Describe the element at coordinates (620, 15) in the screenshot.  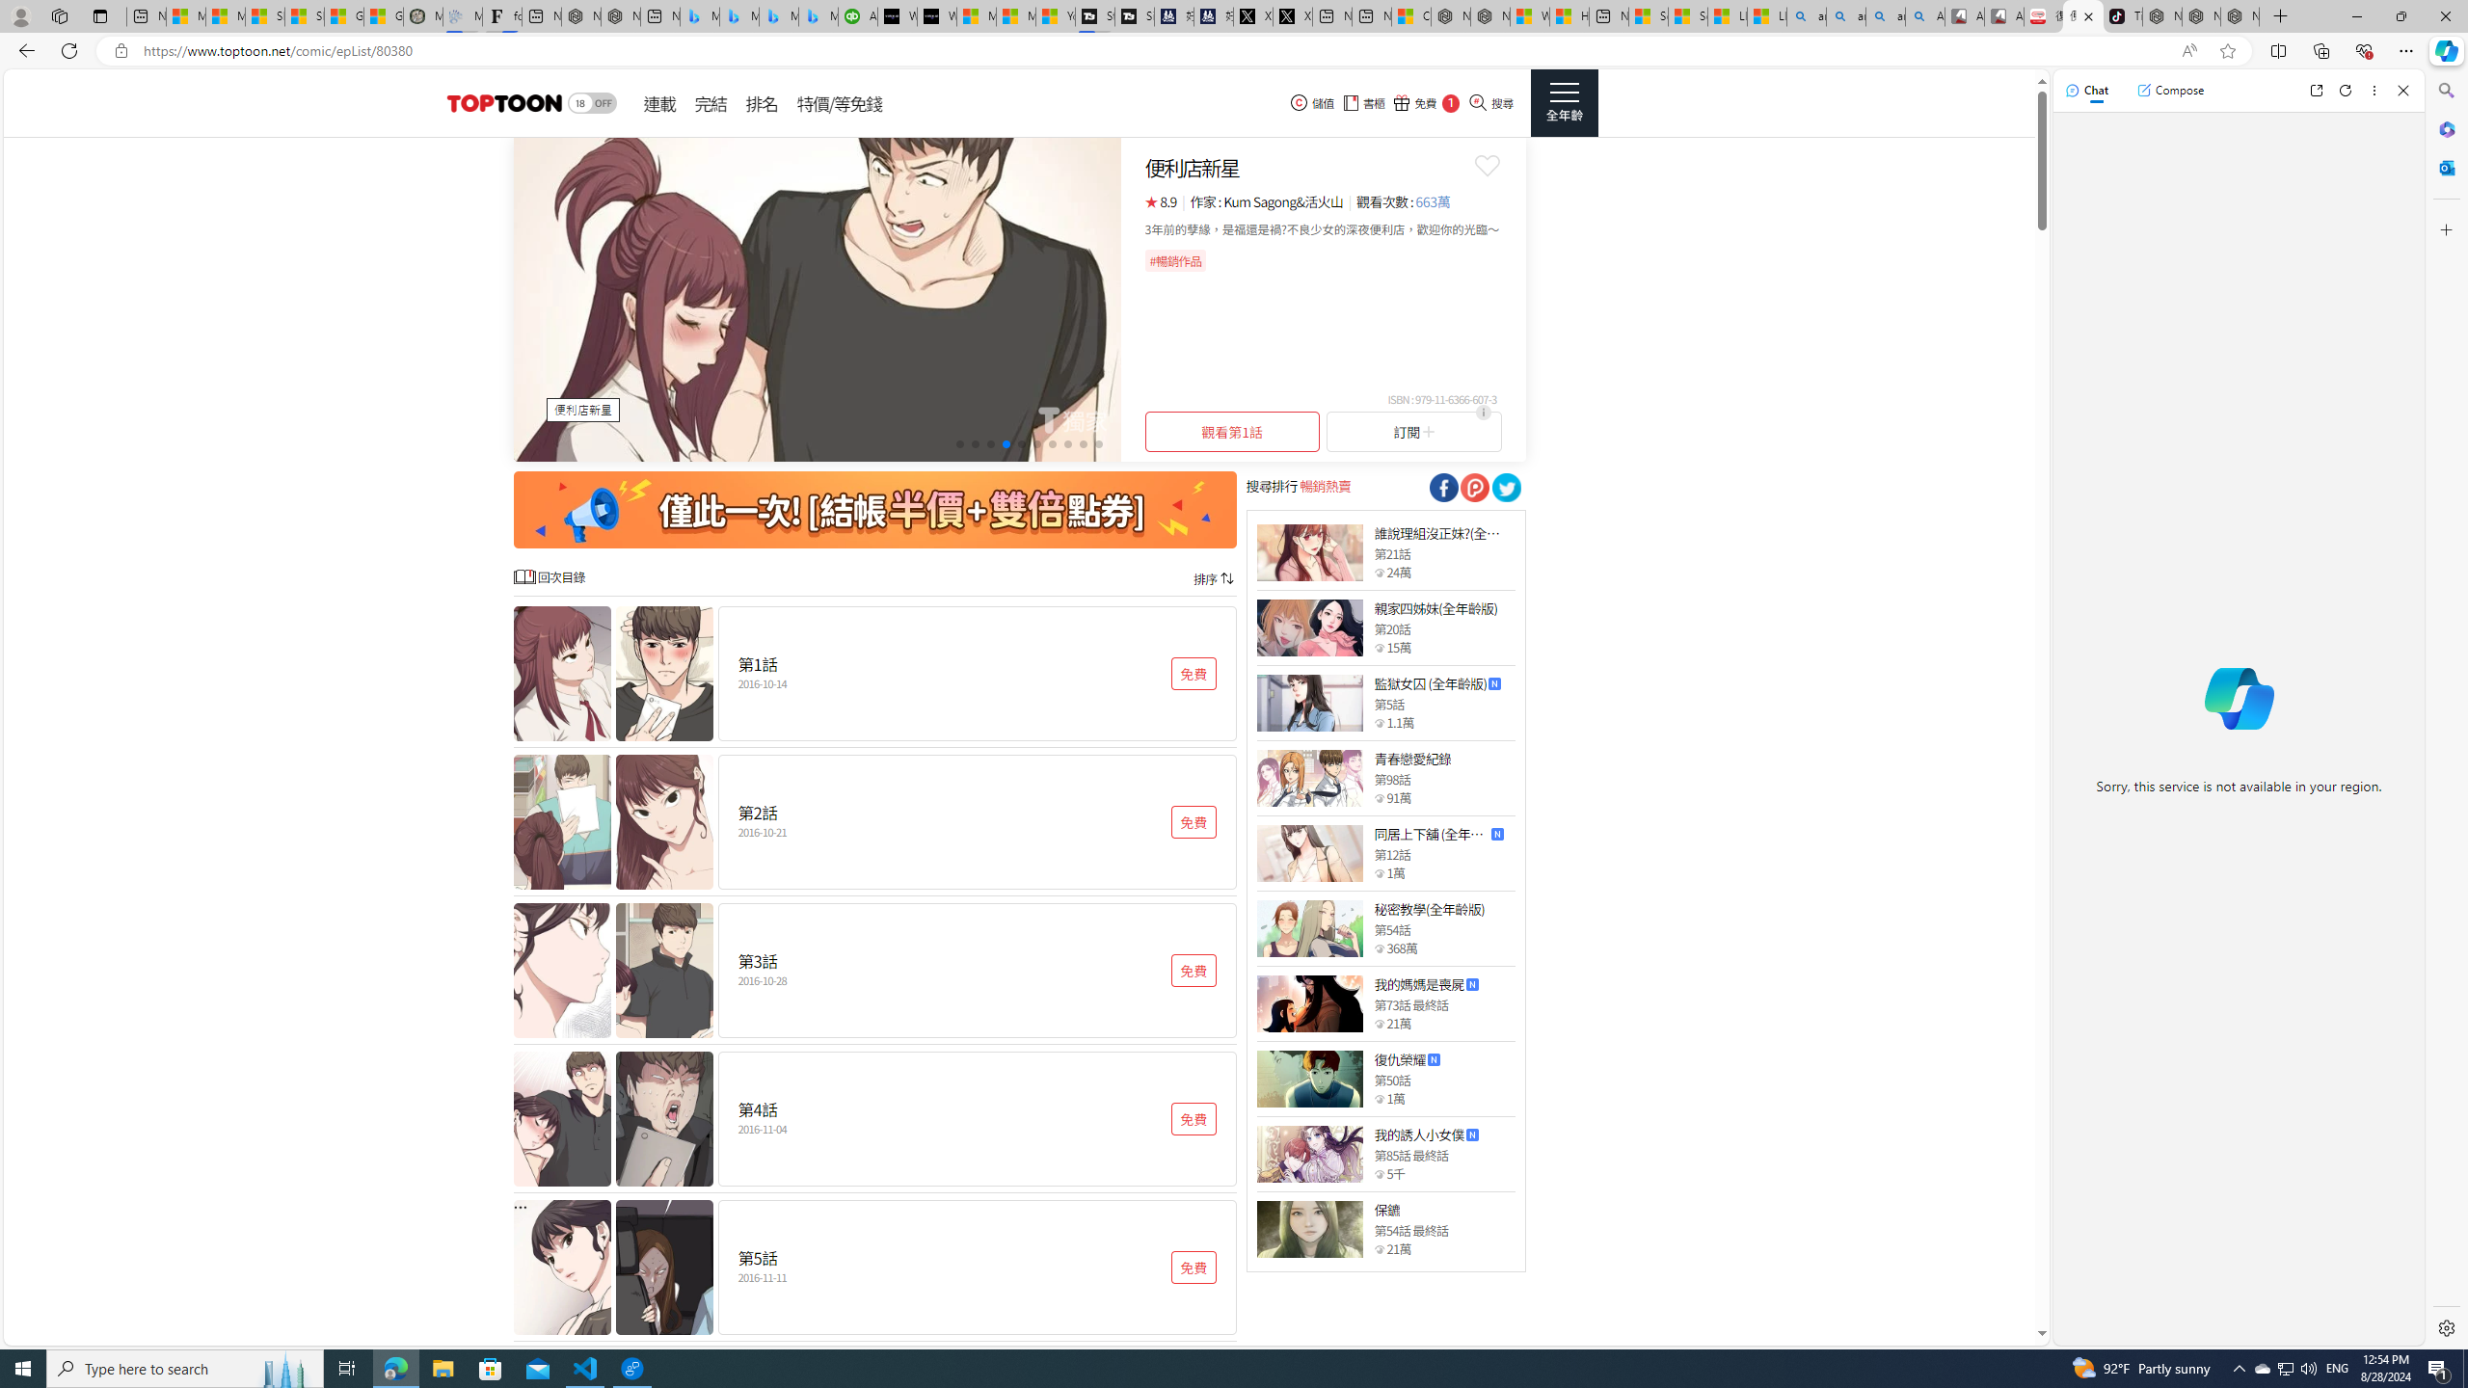
I see `'Nordace - #1 Japanese Best-Seller - Siena Smart Backpack'` at that location.